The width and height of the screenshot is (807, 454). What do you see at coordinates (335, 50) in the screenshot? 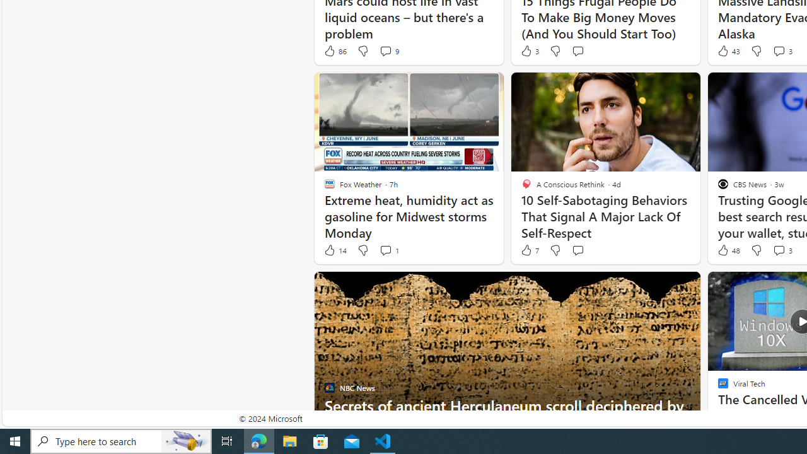
I see `'86 Like'` at bounding box center [335, 50].